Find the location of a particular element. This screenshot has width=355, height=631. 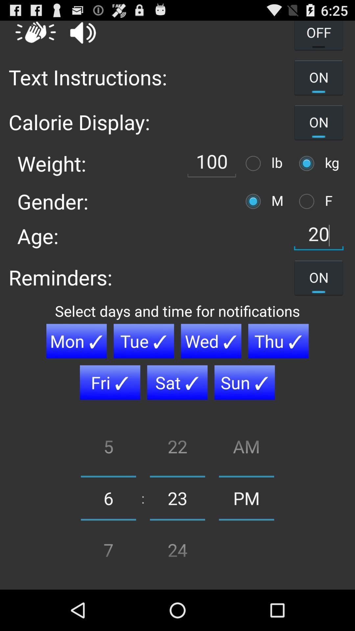

indicate button is located at coordinates (254, 201).